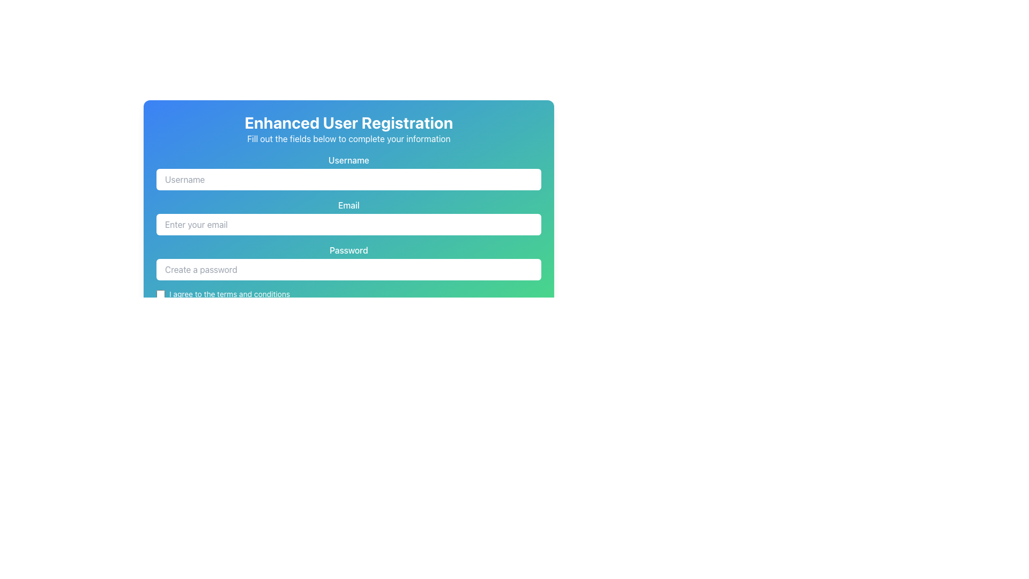  I want to click on the label indicating the purpose of the adjacent password input field, which is located directly above the 'Create a password' field, so click(349, 250).